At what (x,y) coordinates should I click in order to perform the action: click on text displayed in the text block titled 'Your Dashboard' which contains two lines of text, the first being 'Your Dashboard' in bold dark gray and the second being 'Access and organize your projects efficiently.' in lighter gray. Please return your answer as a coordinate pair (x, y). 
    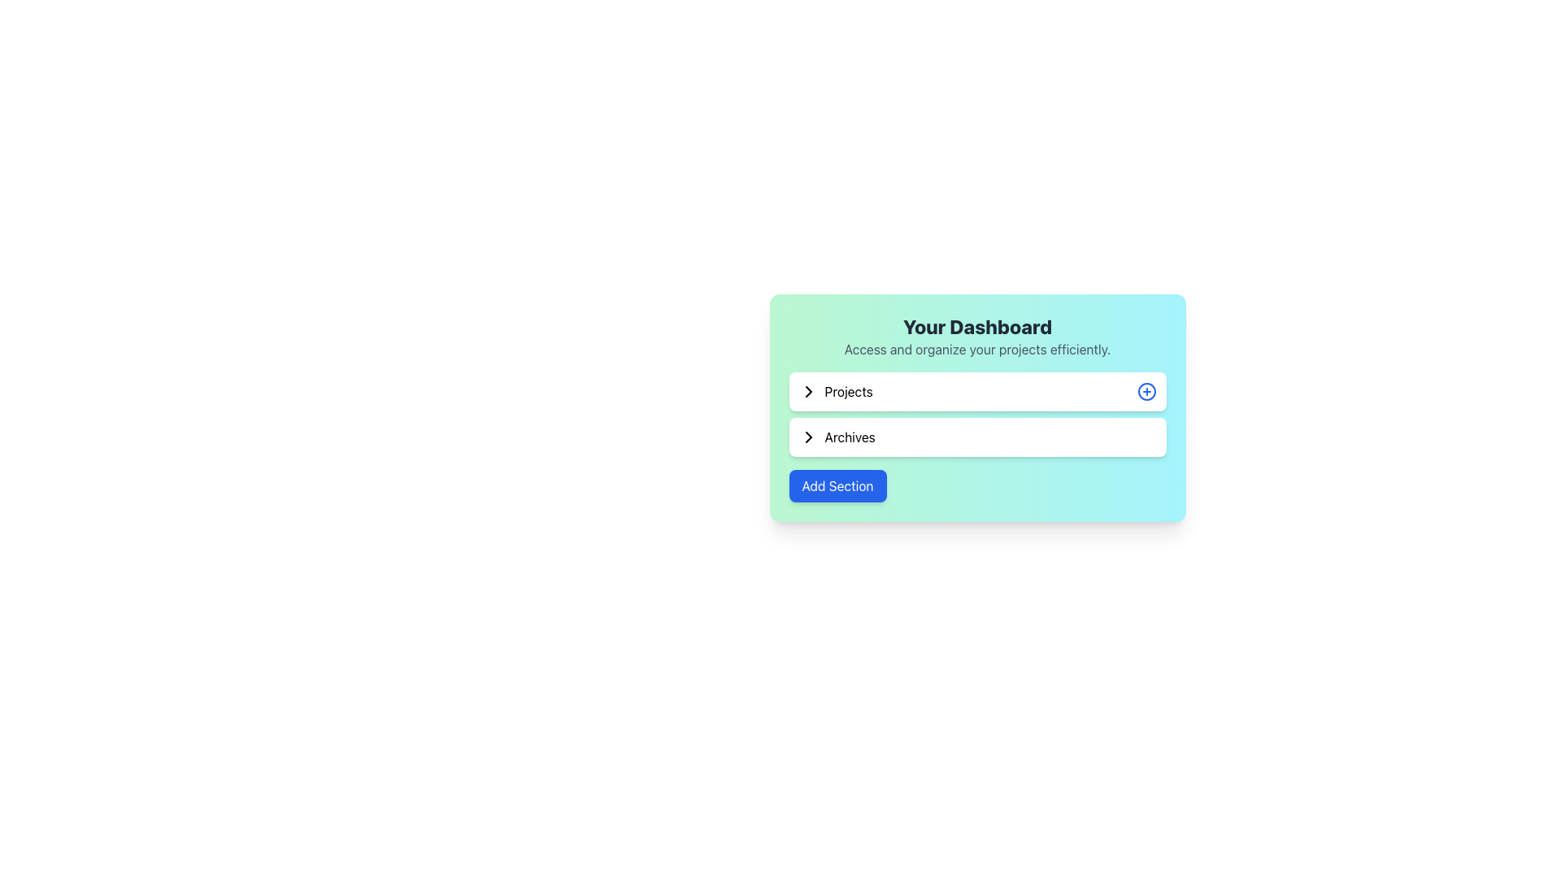
    Looking at the image, I should click on (976, 335).